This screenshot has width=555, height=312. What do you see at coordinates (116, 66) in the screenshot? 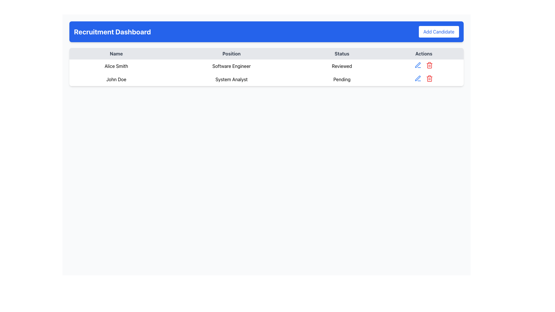
I see `the text label identifying 'Alice Smith' located in the first cell of the first data row under the 'Name' column` at bounding box center [116, 66].